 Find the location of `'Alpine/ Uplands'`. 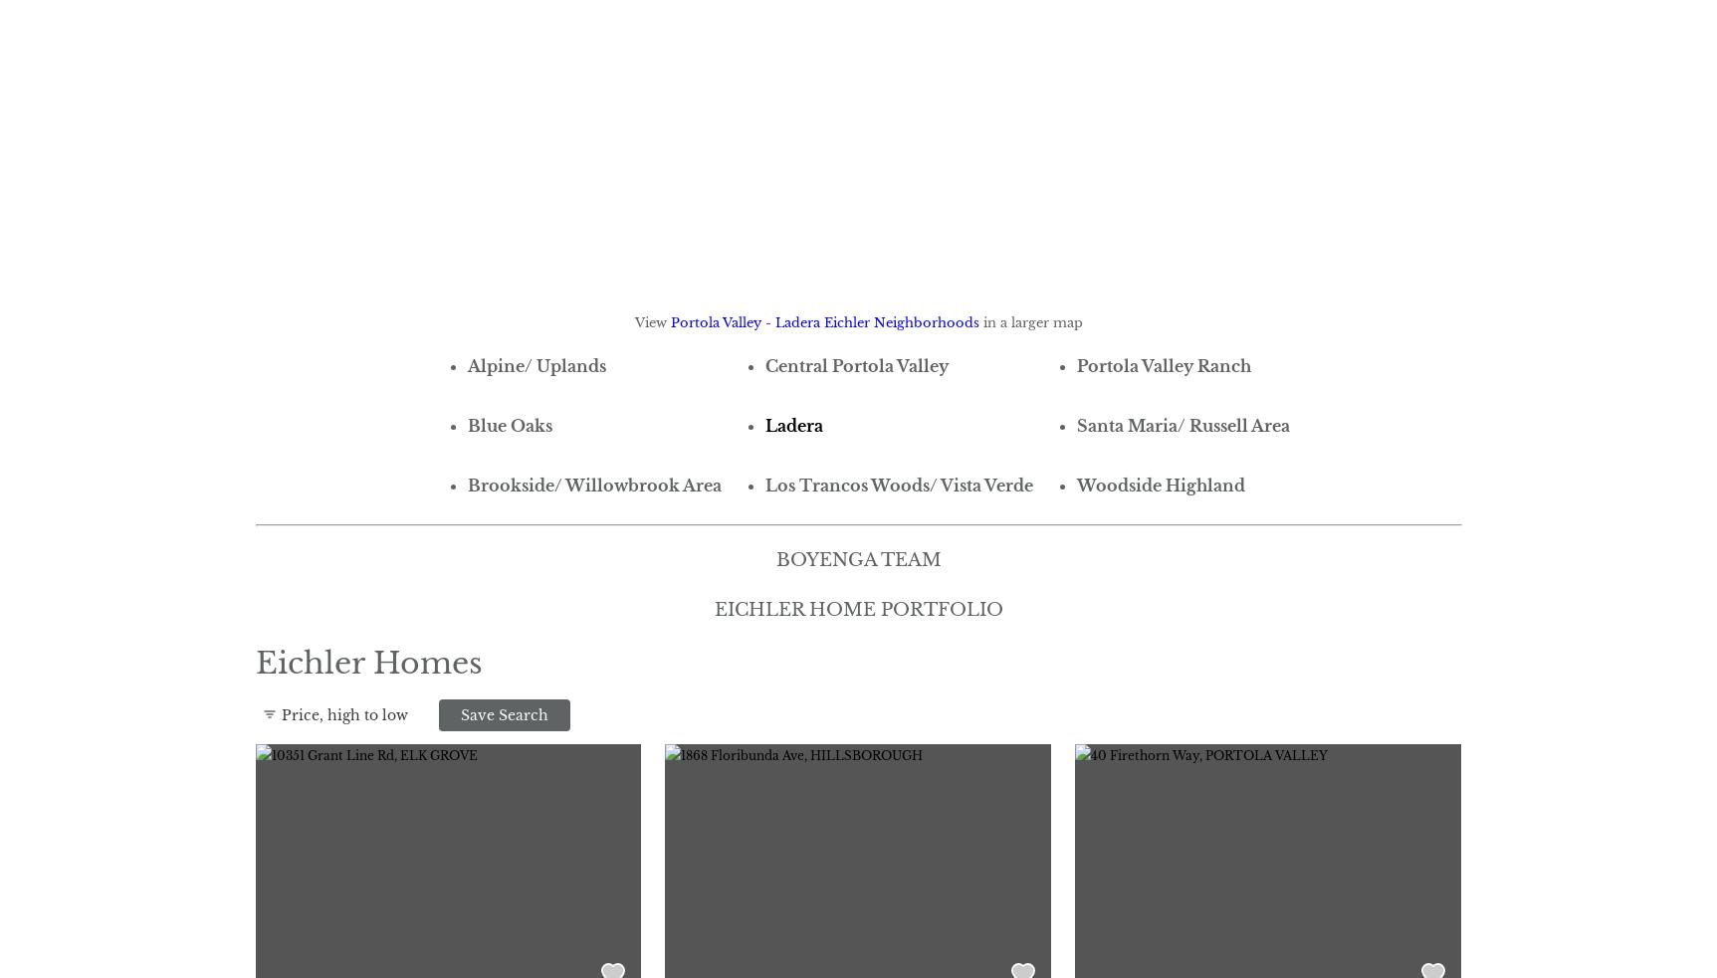

'Alpine/ Uplands' is located at coordinates (466, 363).